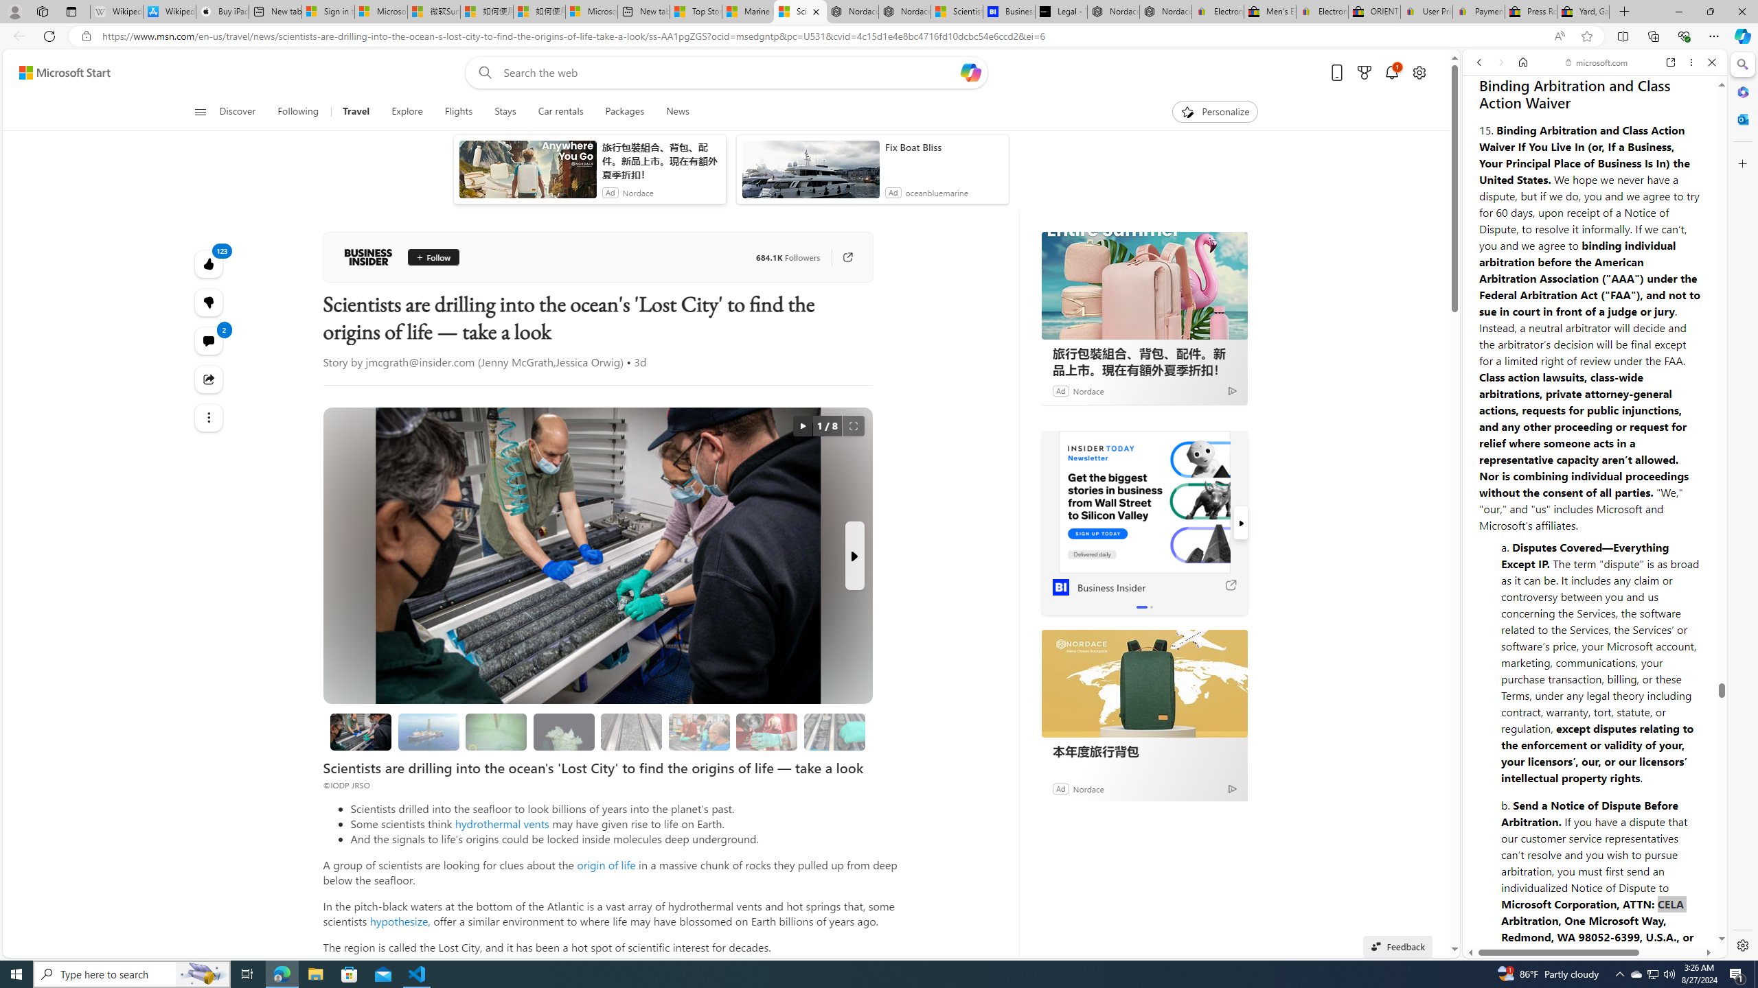 This screenshot has height=988, width=1758. Describe the element at coordinates (677, 111) in the screenshot. I see `'News'` at that location.